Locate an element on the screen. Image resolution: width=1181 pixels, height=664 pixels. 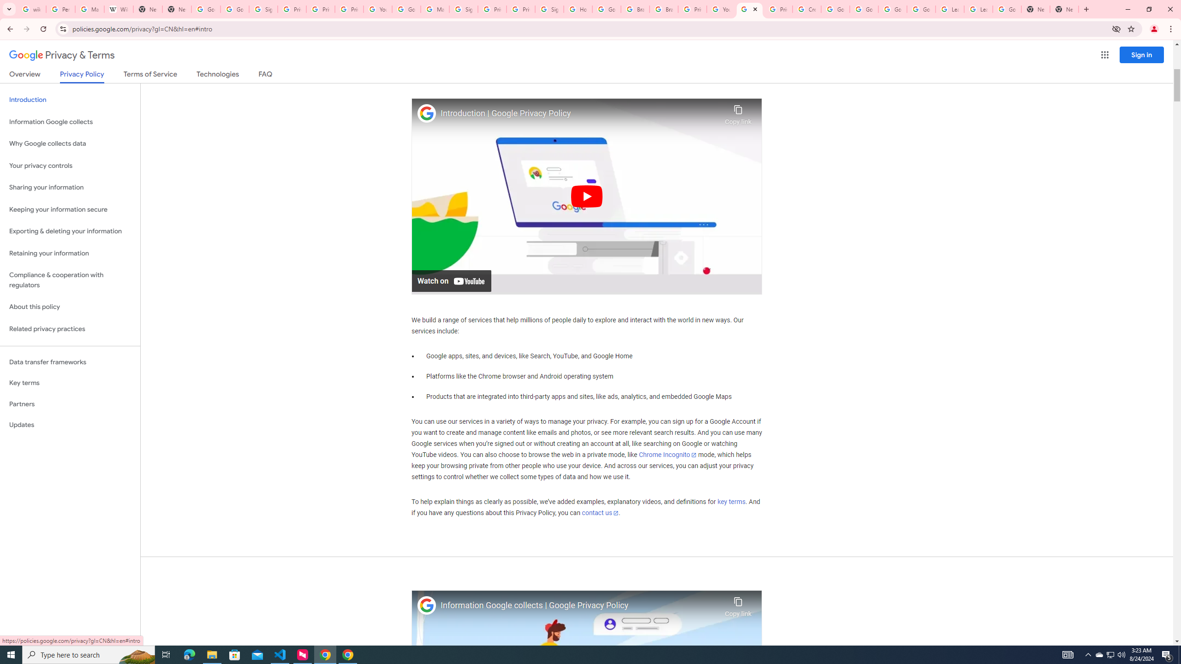
'Photo image of Google' is located at coordinates (427, 605).